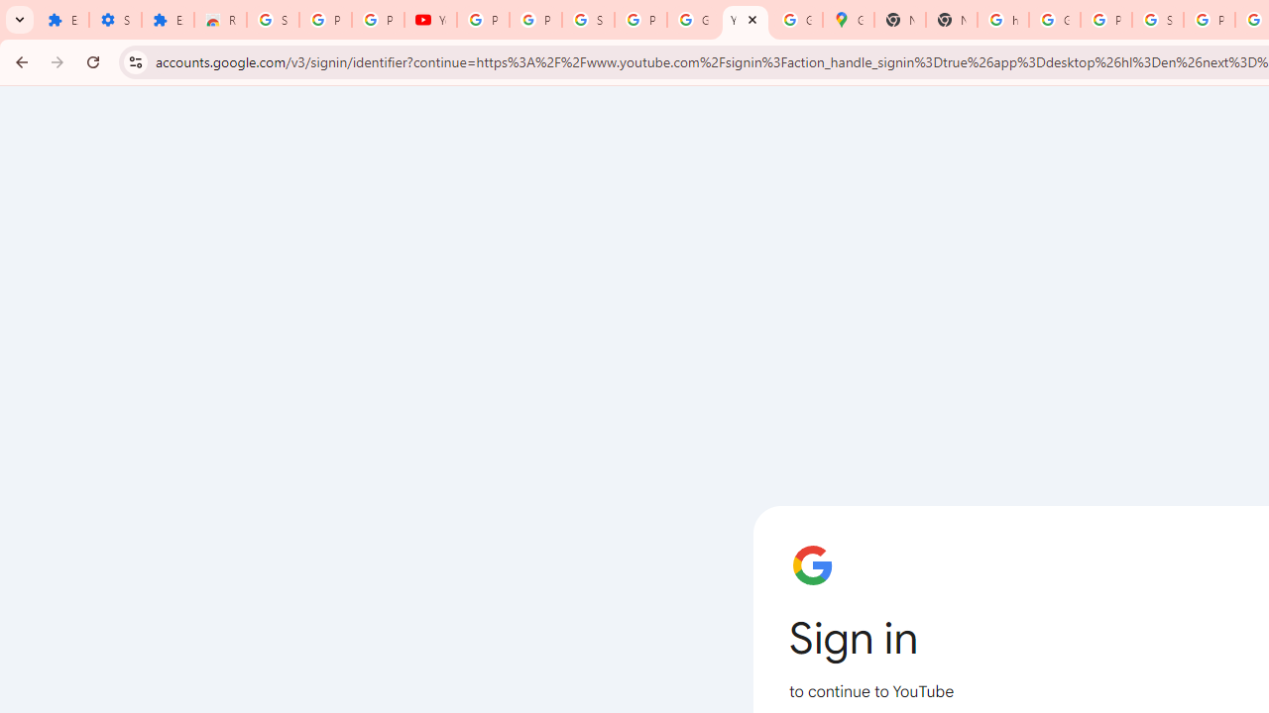 This screenshot has width=1269, height=713. I want to click on 'Reviews: Helix Fruit Jump Arcade Game', so click(220, 20).